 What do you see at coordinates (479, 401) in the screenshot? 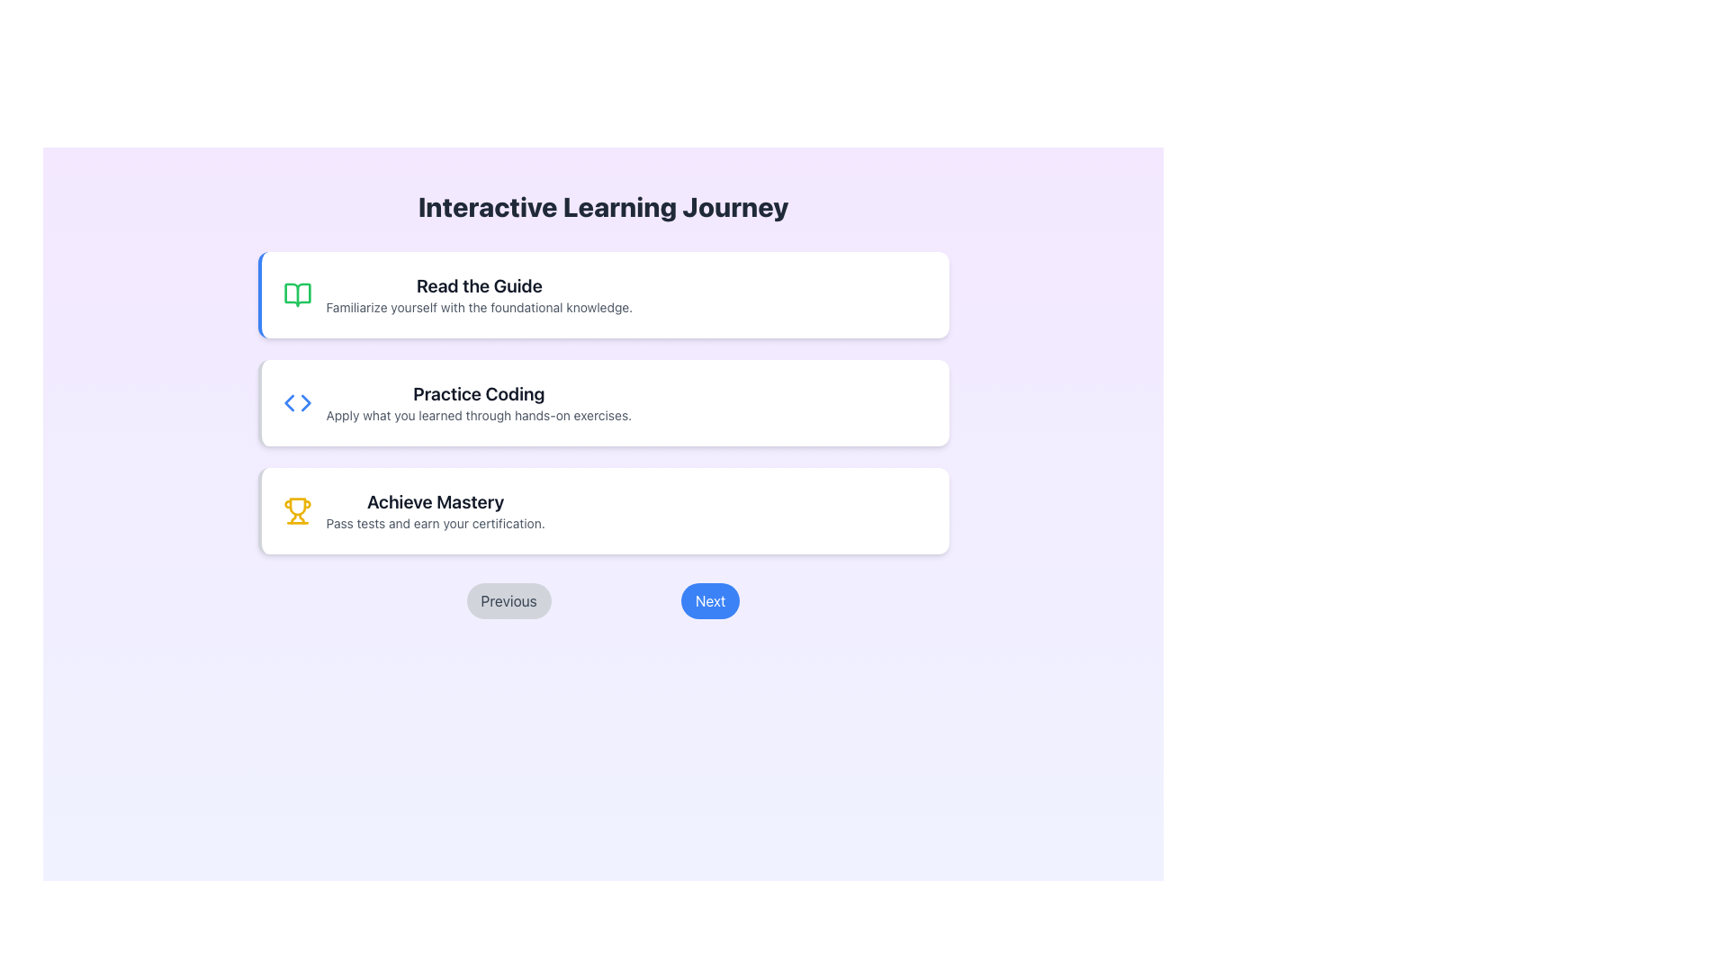
I see `the text block that contains 'Practice Coding' and 'Apply what you learned through hands-on exercises.'` at bounding box center [479, 401].